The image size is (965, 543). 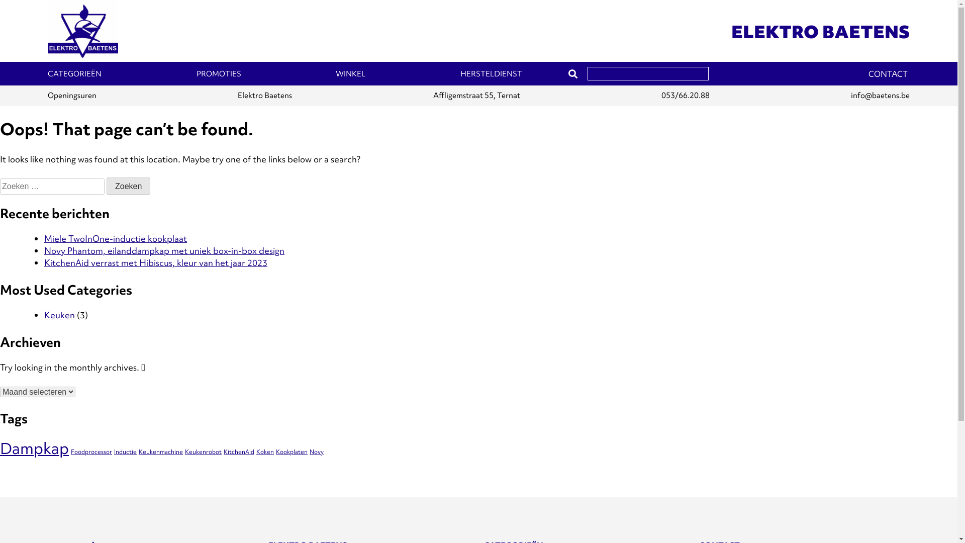 What do you see at coordinates (275, 451) in the screenshot?
I see `'Kookplaten'` at bounding box center [275, 451].